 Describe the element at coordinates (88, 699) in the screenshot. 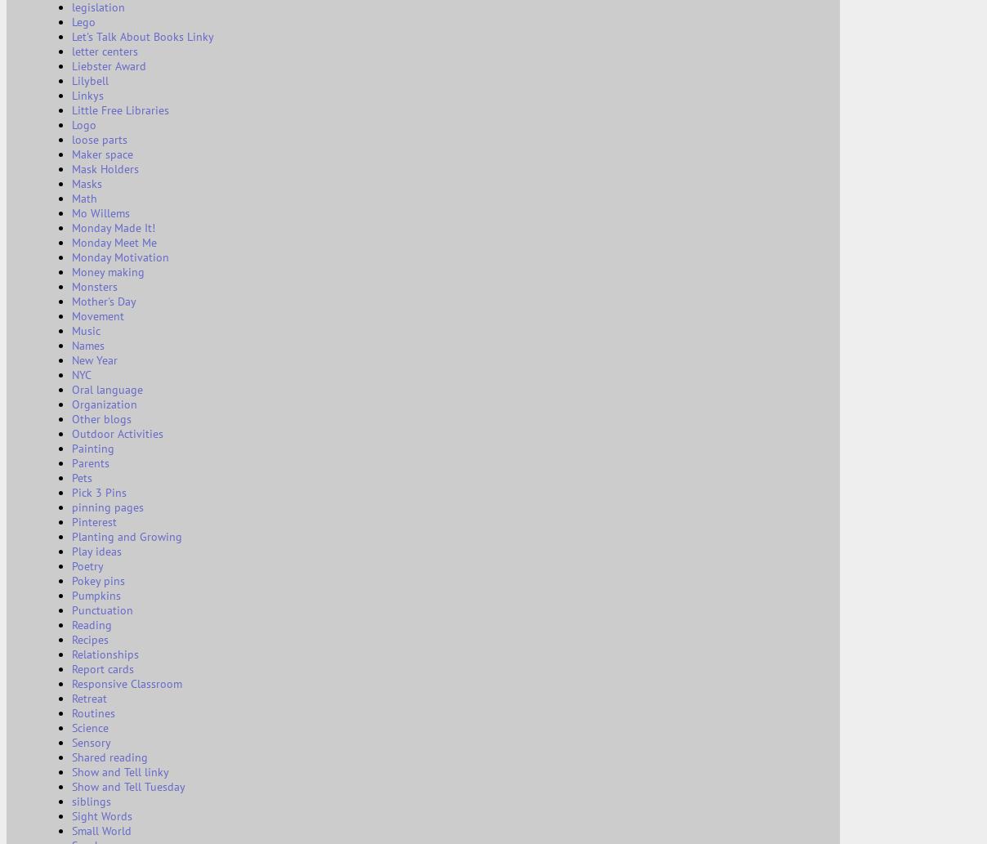

I see `'Retreat'` at that location.